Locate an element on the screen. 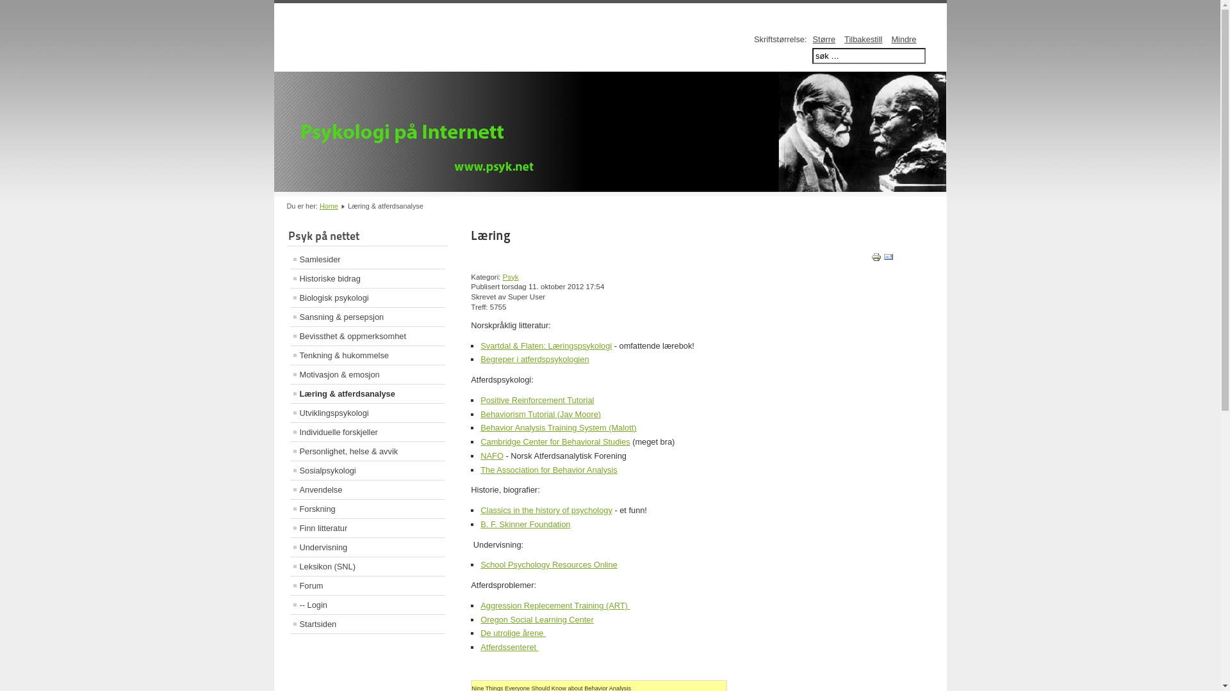 This screenshot has height=691, width=1230. 'Begreper i atferdspsykologien' is located at coordinates (534, 359).